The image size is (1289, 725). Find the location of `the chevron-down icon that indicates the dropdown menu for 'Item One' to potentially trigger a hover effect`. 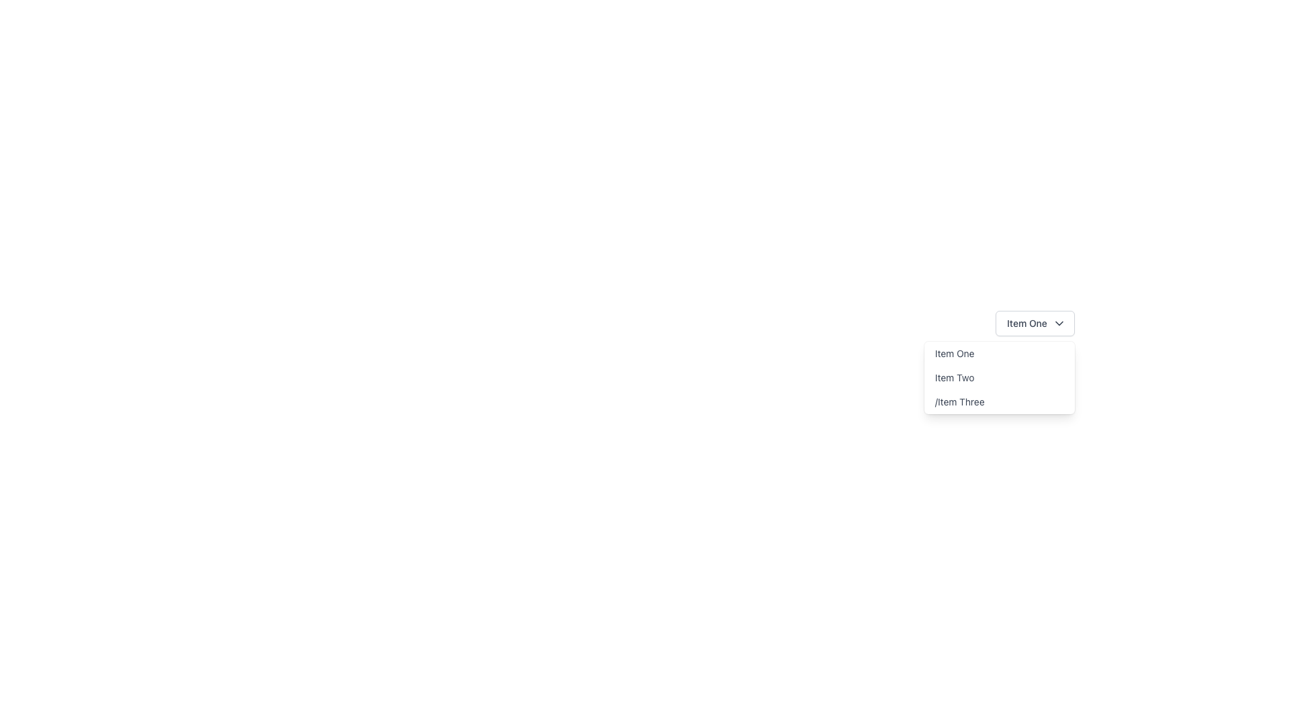

the chevron-down icon that indicates the dropdown menu for 'Item One' to potentially trigger a hover effect is located at coordinates (1058, 324).